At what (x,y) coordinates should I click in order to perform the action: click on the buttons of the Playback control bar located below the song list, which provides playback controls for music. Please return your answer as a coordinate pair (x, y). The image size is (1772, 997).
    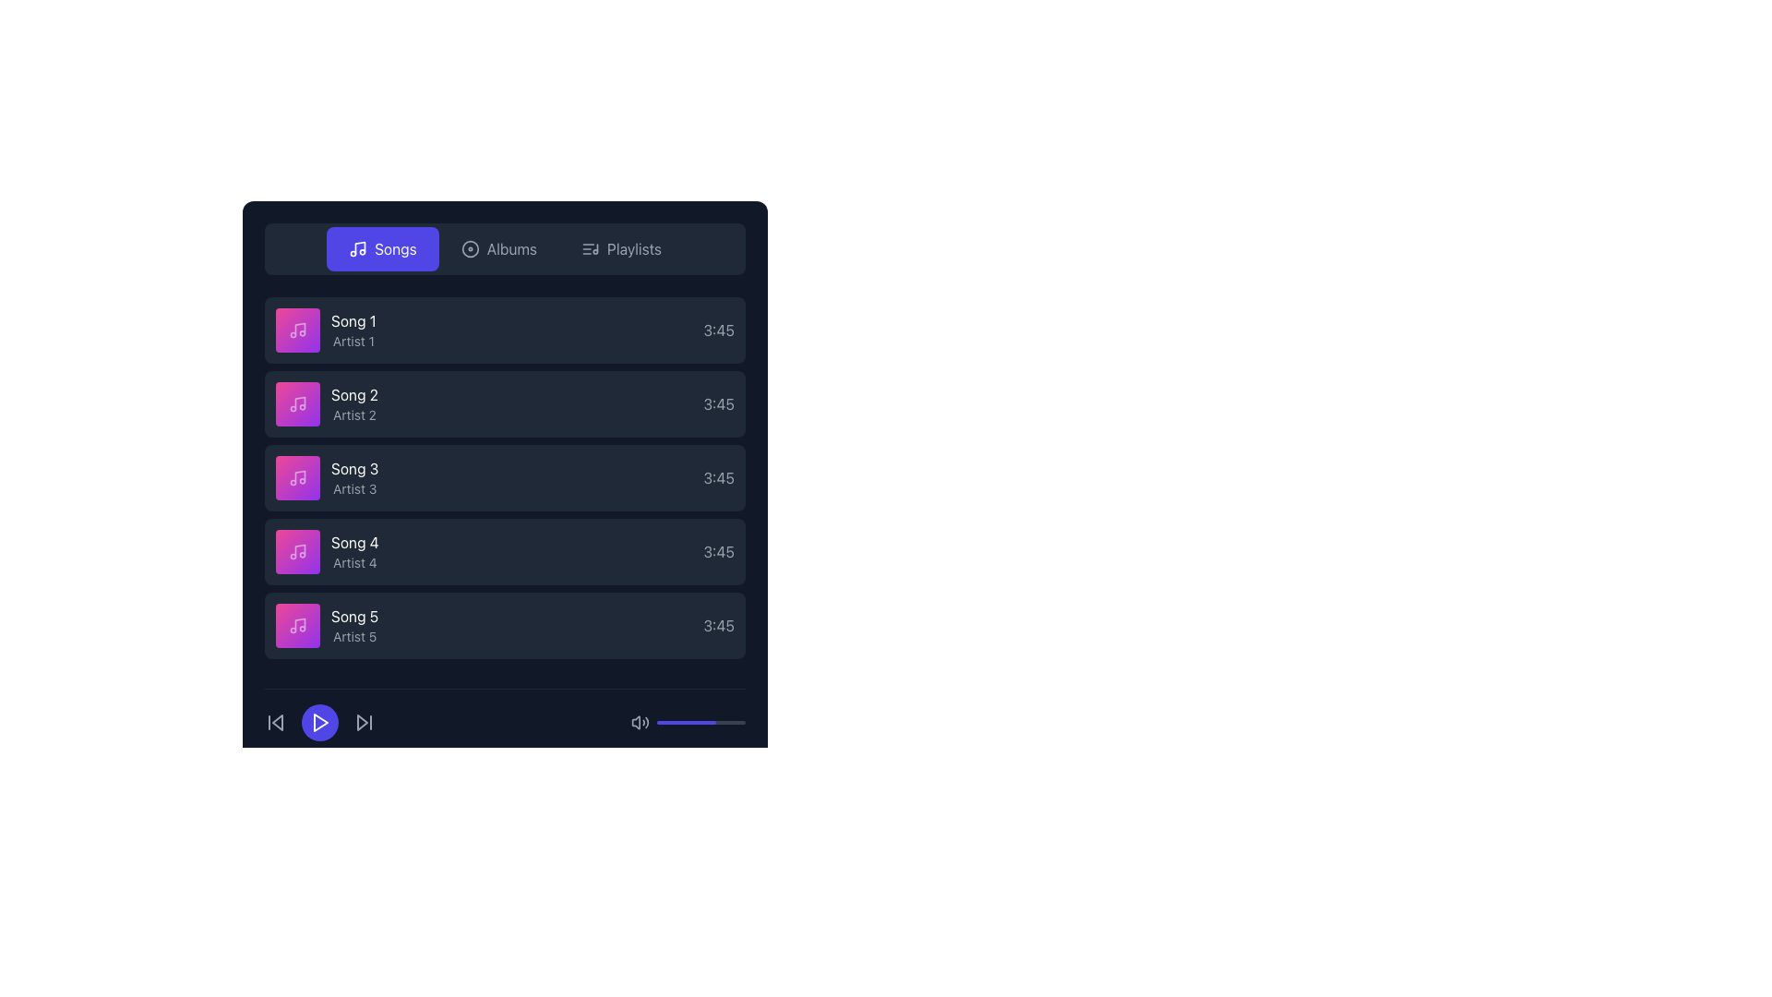
    Looking at the image, I should click on (505, 714).